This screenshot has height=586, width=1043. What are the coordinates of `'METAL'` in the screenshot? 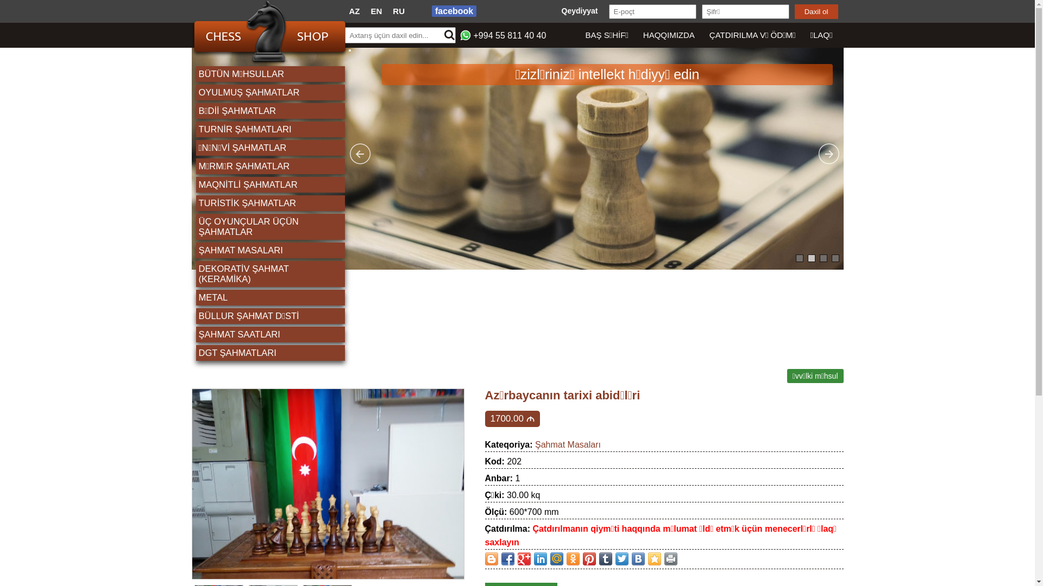 It's located at (271, 297).